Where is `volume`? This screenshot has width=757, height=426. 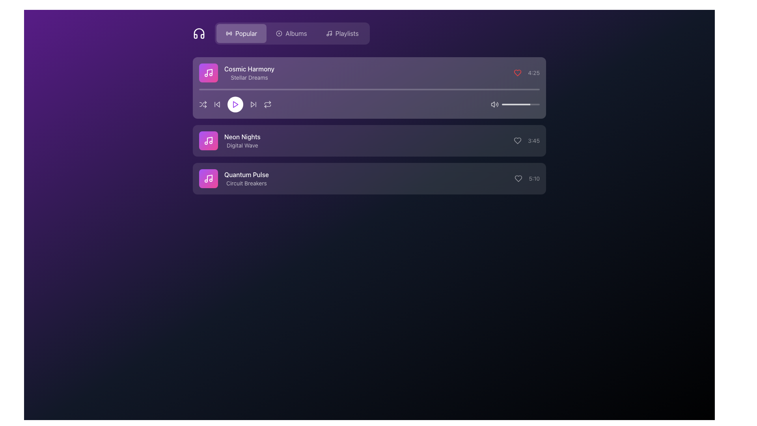
volume is located at coordinates (513, 104).